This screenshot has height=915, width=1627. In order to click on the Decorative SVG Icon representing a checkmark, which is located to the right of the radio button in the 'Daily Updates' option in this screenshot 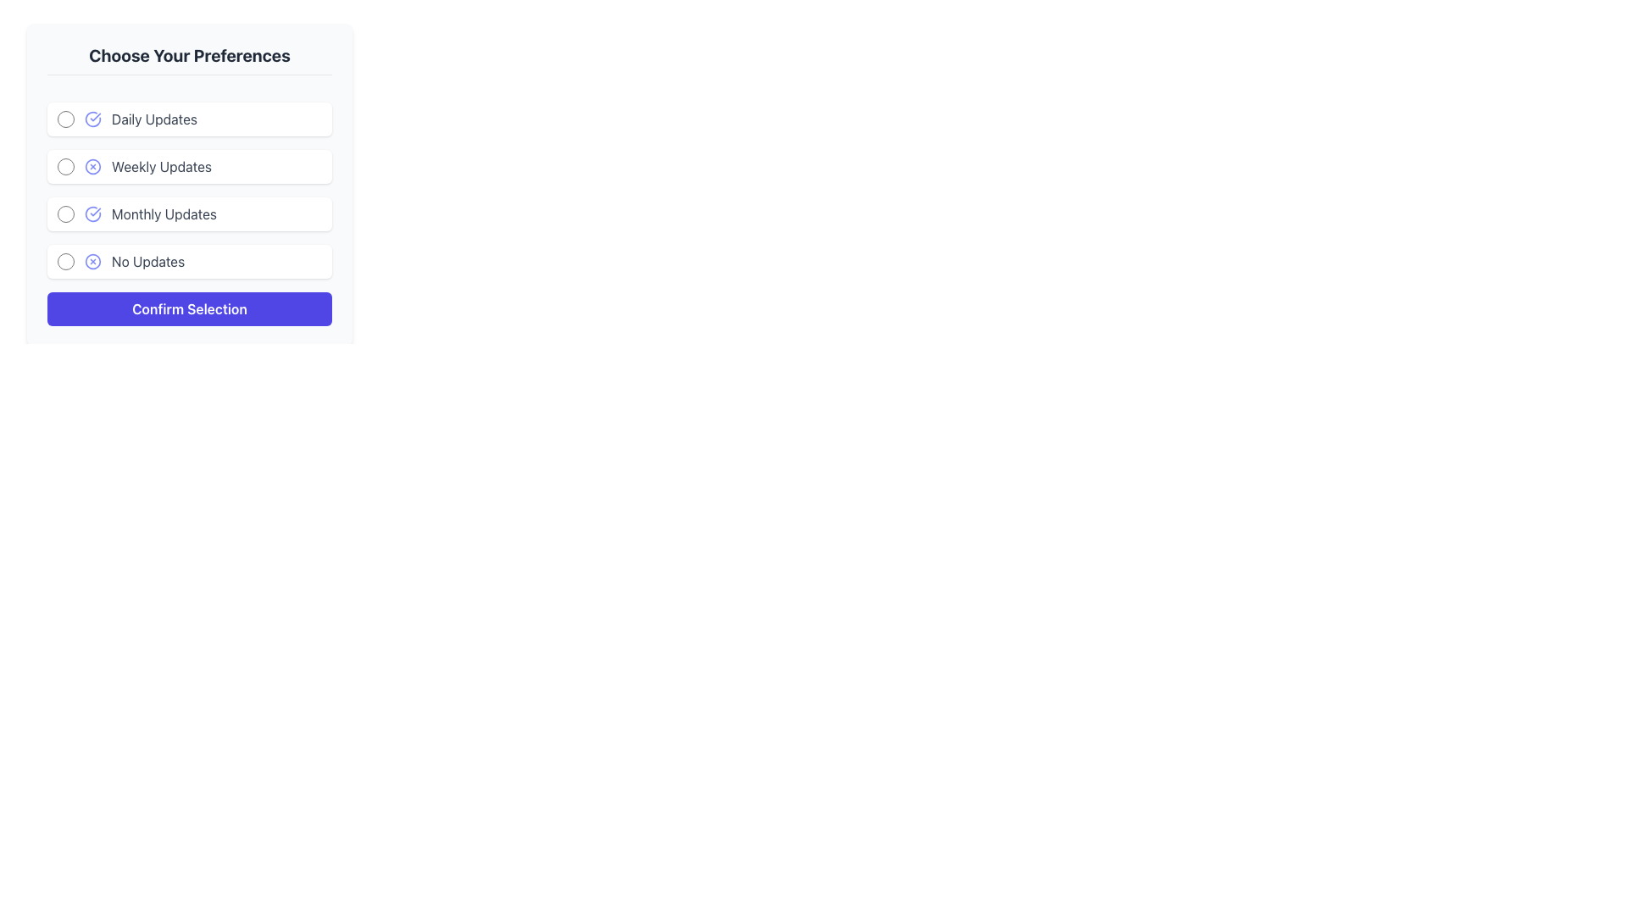, I will do `click(92, 119)`.